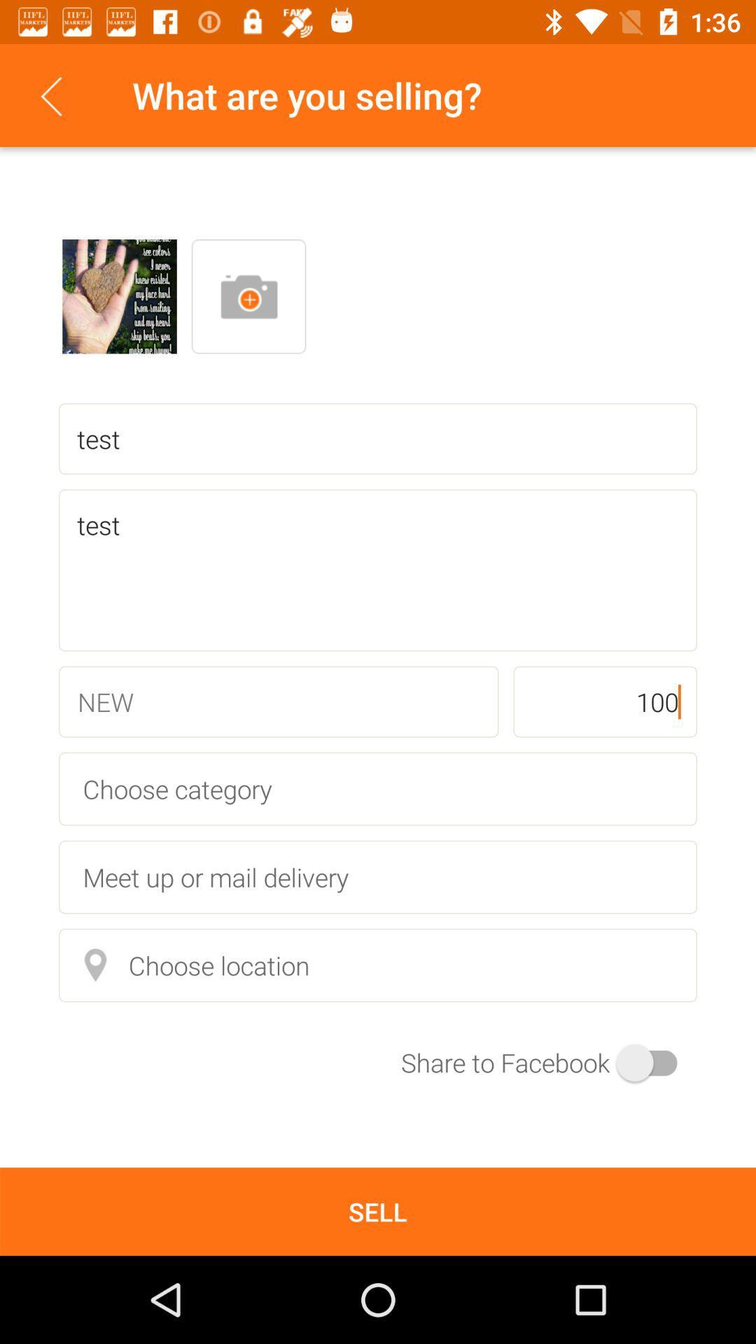  What do you see at coordinates (378, 965) in the screenshot?
I see `icon above the share to facebook icon` at bounding box center [378, 965].